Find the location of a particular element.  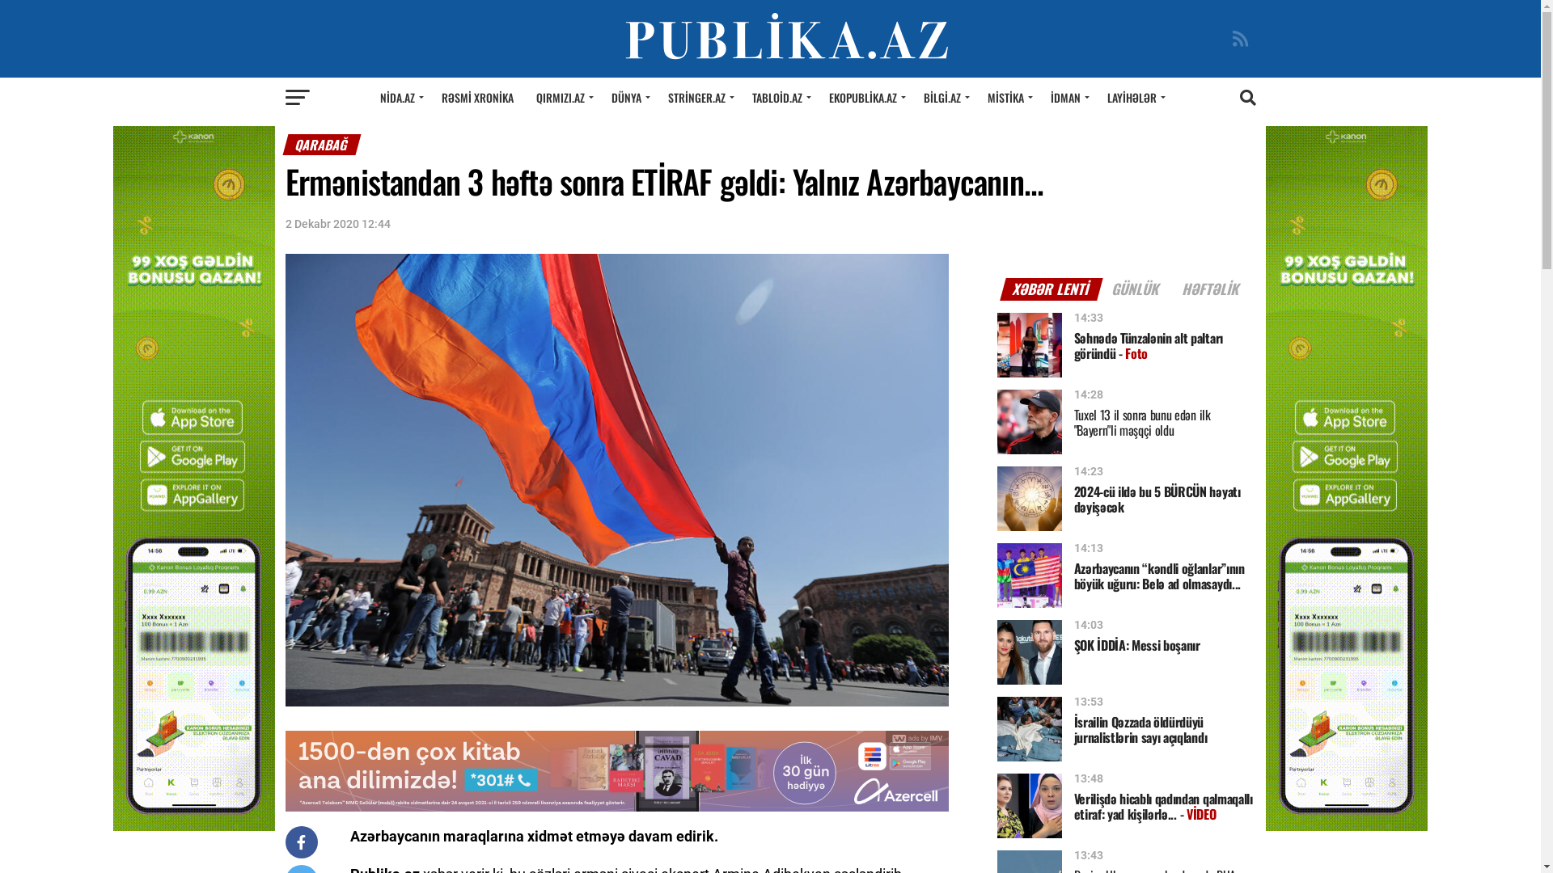

'EKOPUBLIKA.AZ' is located at coordinates (864, 97).